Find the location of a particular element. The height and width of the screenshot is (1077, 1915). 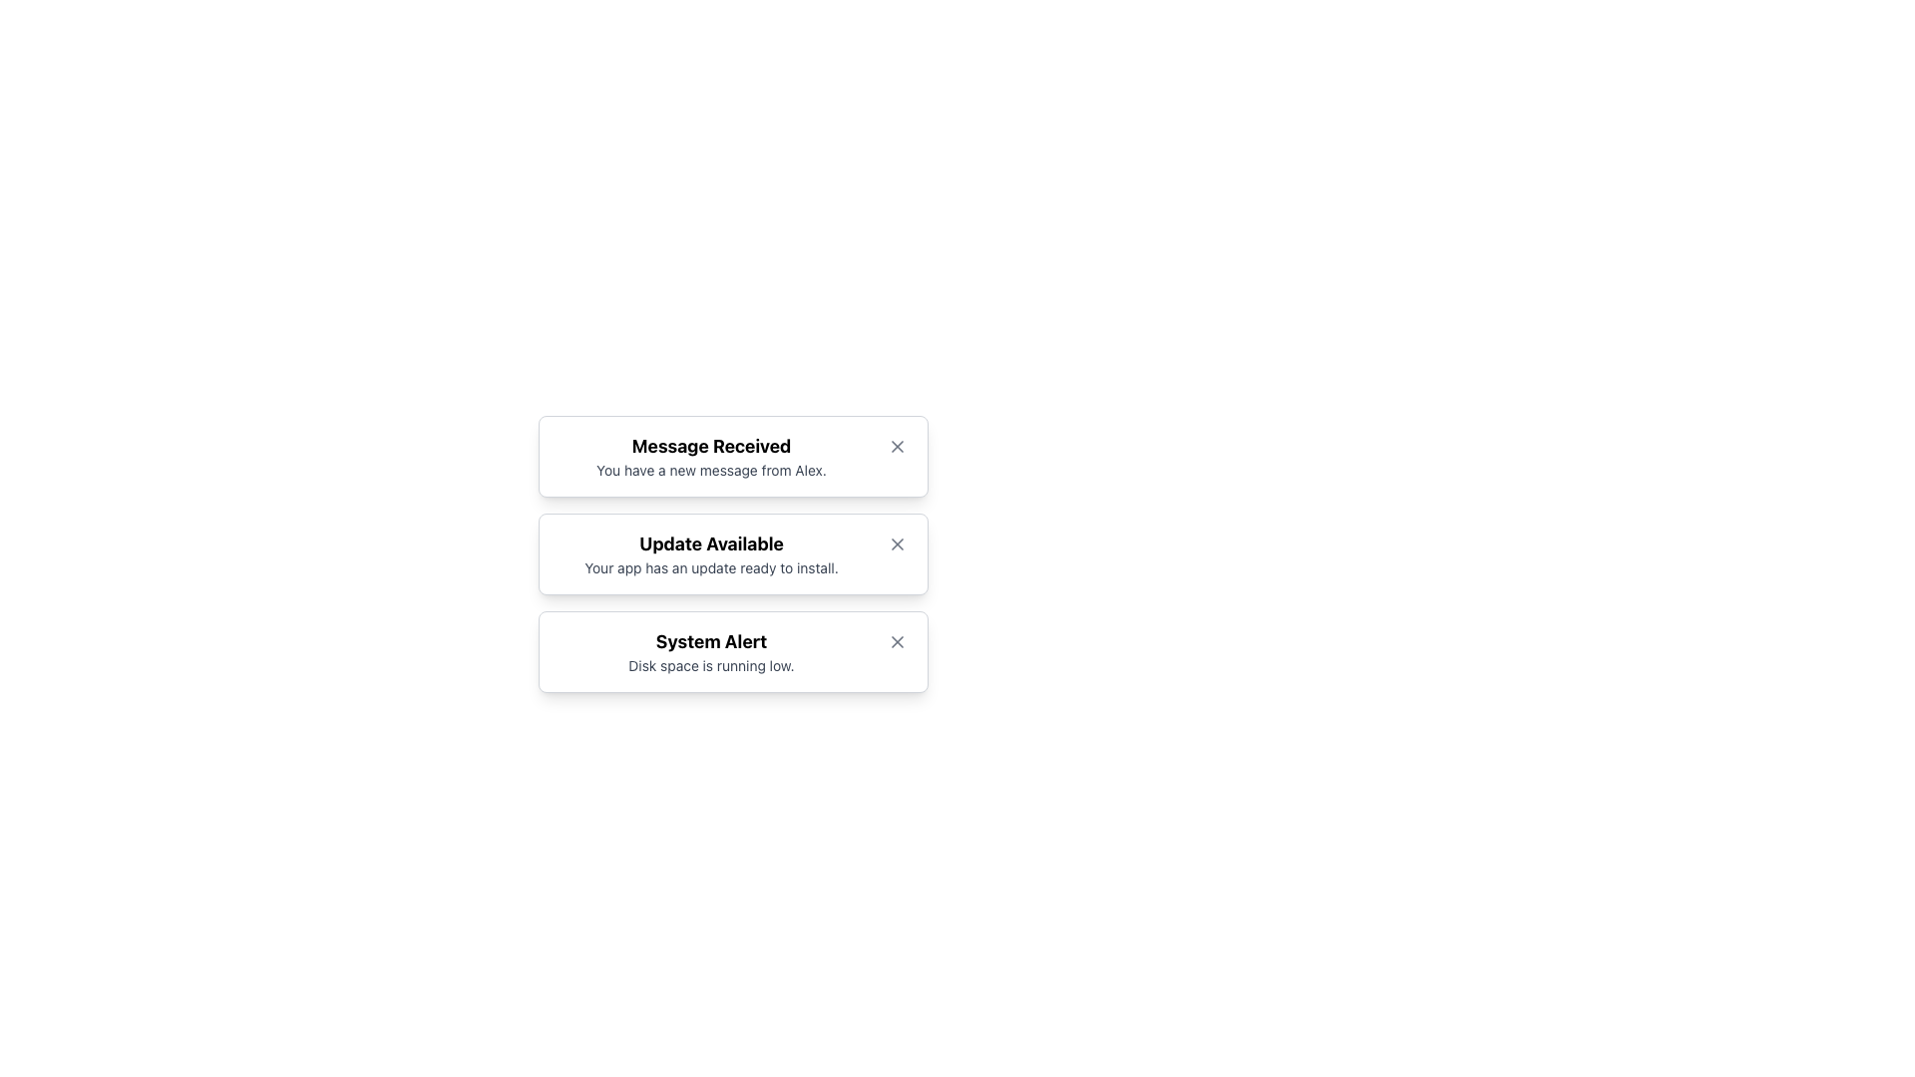

text content of the third alert notification message located in the vertically stacked alert box is located at coordinates (711, 652).